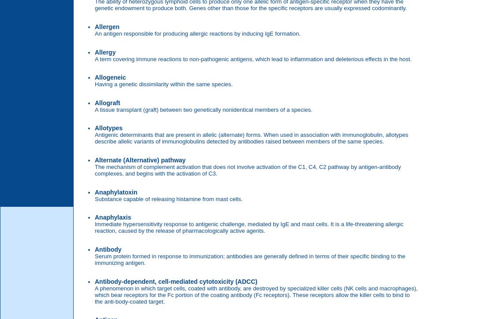 This screenshot has width=496, height=319. I want to click on 'Allergy', so click(104, 52).